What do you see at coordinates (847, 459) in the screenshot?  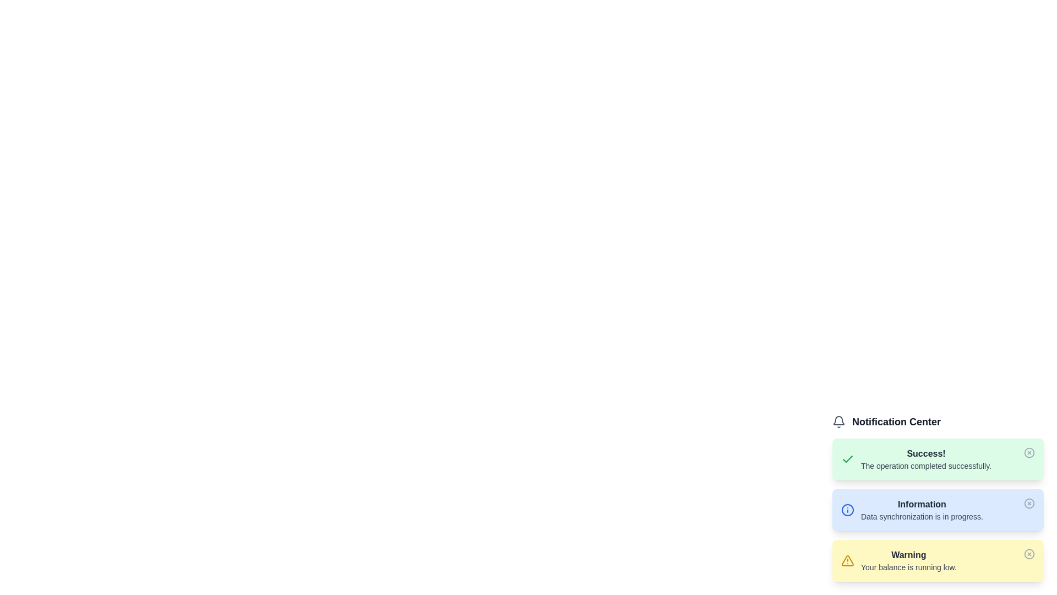 I see `the success icon located on the left side of the success message text in the Notification Center to indicate completion of an operation` at bounding box center [847, 459].